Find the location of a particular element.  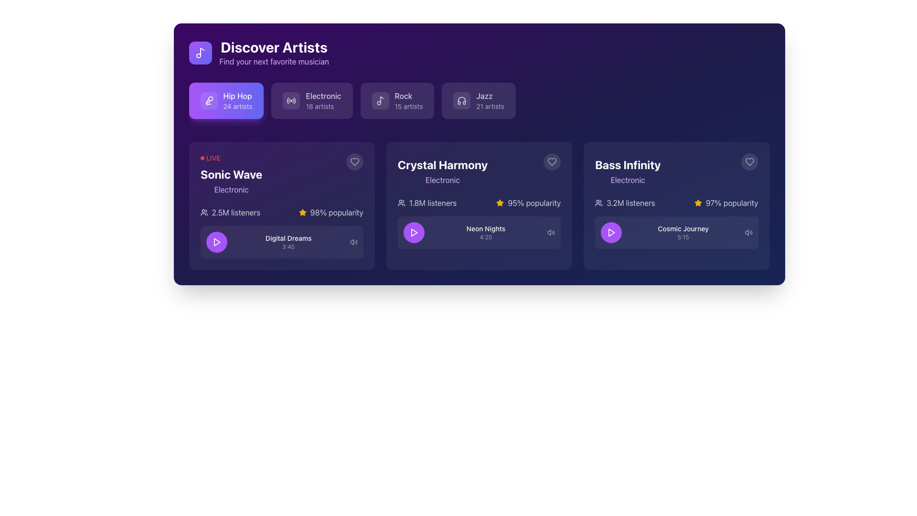

the 'Crystal Harmony' title and subtitle text element, which is displayed in bold white and smaller purple font against a dark card background, located in the second card of the horizontally arranged set is located at coordinates (442, 169).